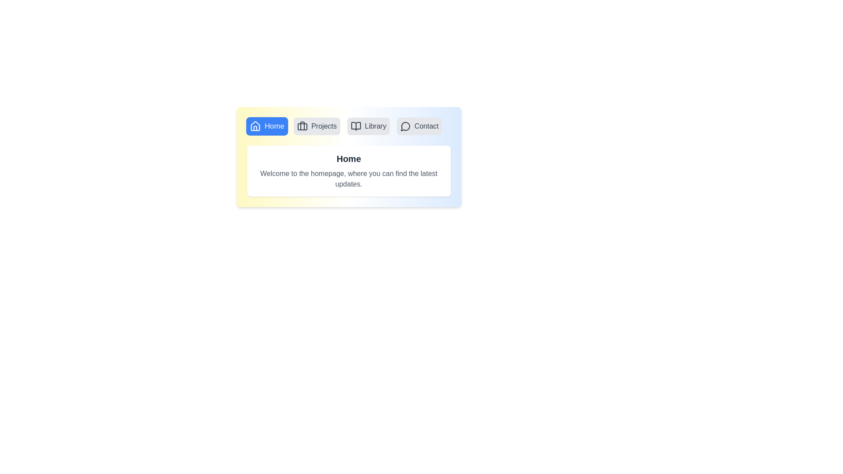 The width and height of the screenshot is (843, 474). Describe the element at coordinates (266, 126) in the screenshot. I see `the Home tab to view its content` at that location.